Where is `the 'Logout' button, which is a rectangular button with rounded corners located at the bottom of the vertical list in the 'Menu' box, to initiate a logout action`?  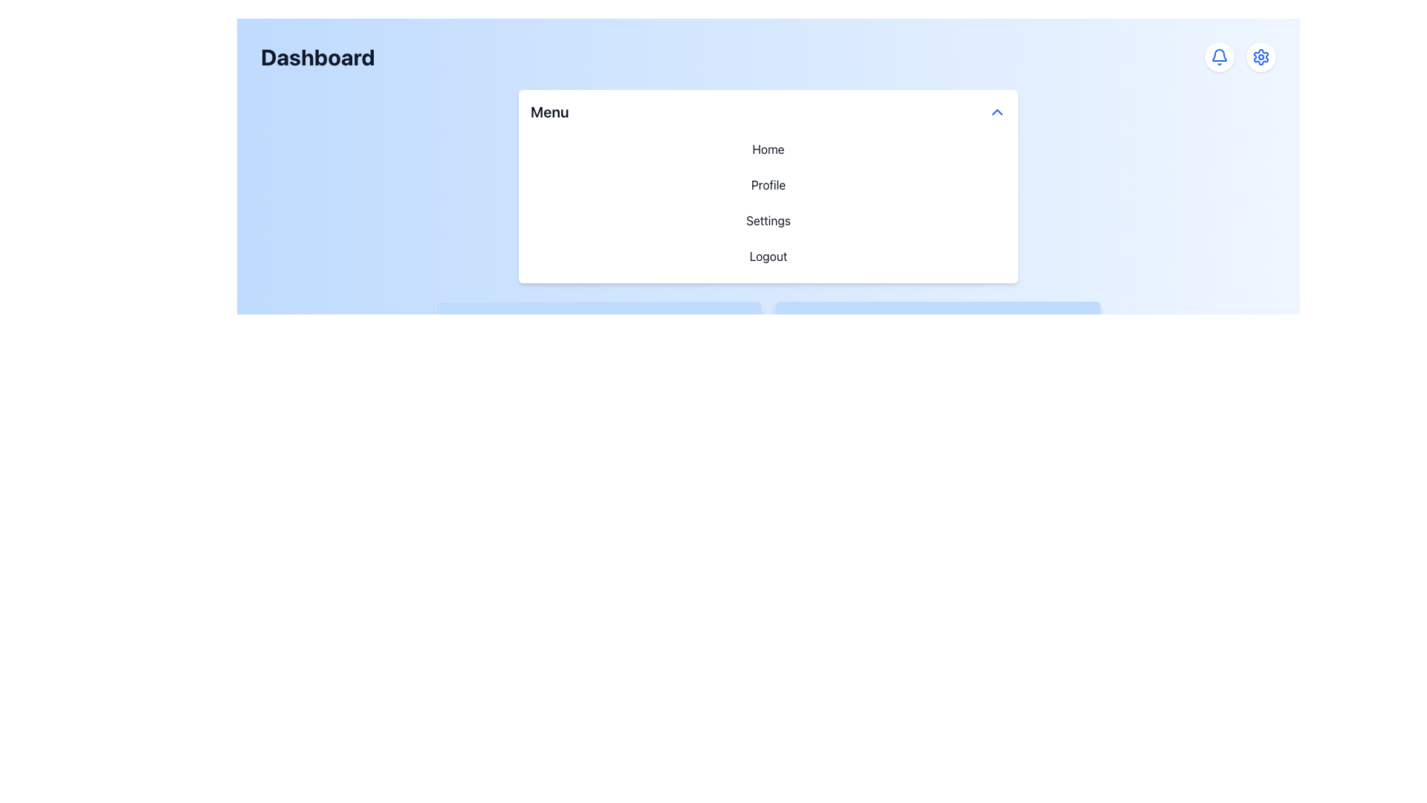 the 'Logout' button, which is a rectangular button with rounded corners located at the bottom of the vertical list in the 'Menu' box, to initiate a logout action is located at coordinates (768, 255).